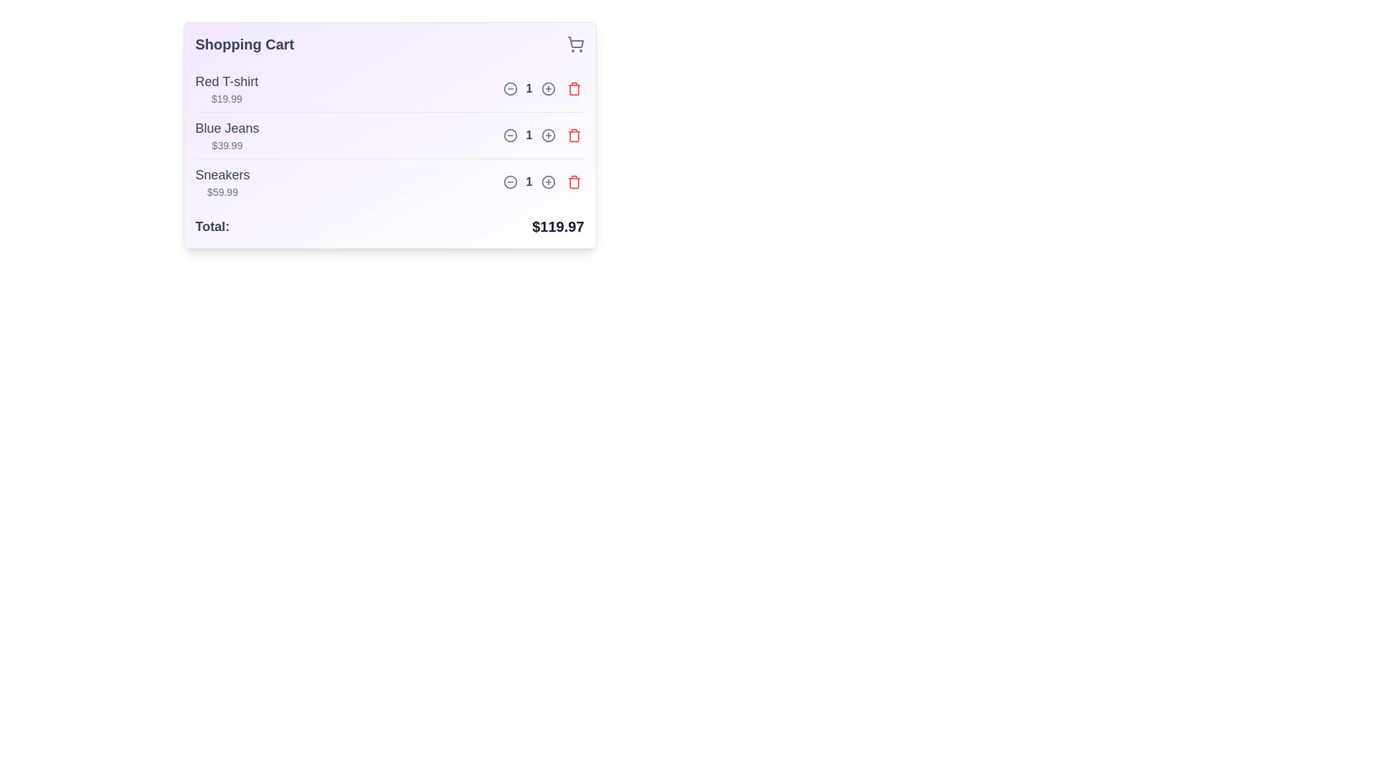 The image size is (1377, 775). Describe the element at coordinates (574, 136) in the screenshot. I see `the second trash can icon` at that location.